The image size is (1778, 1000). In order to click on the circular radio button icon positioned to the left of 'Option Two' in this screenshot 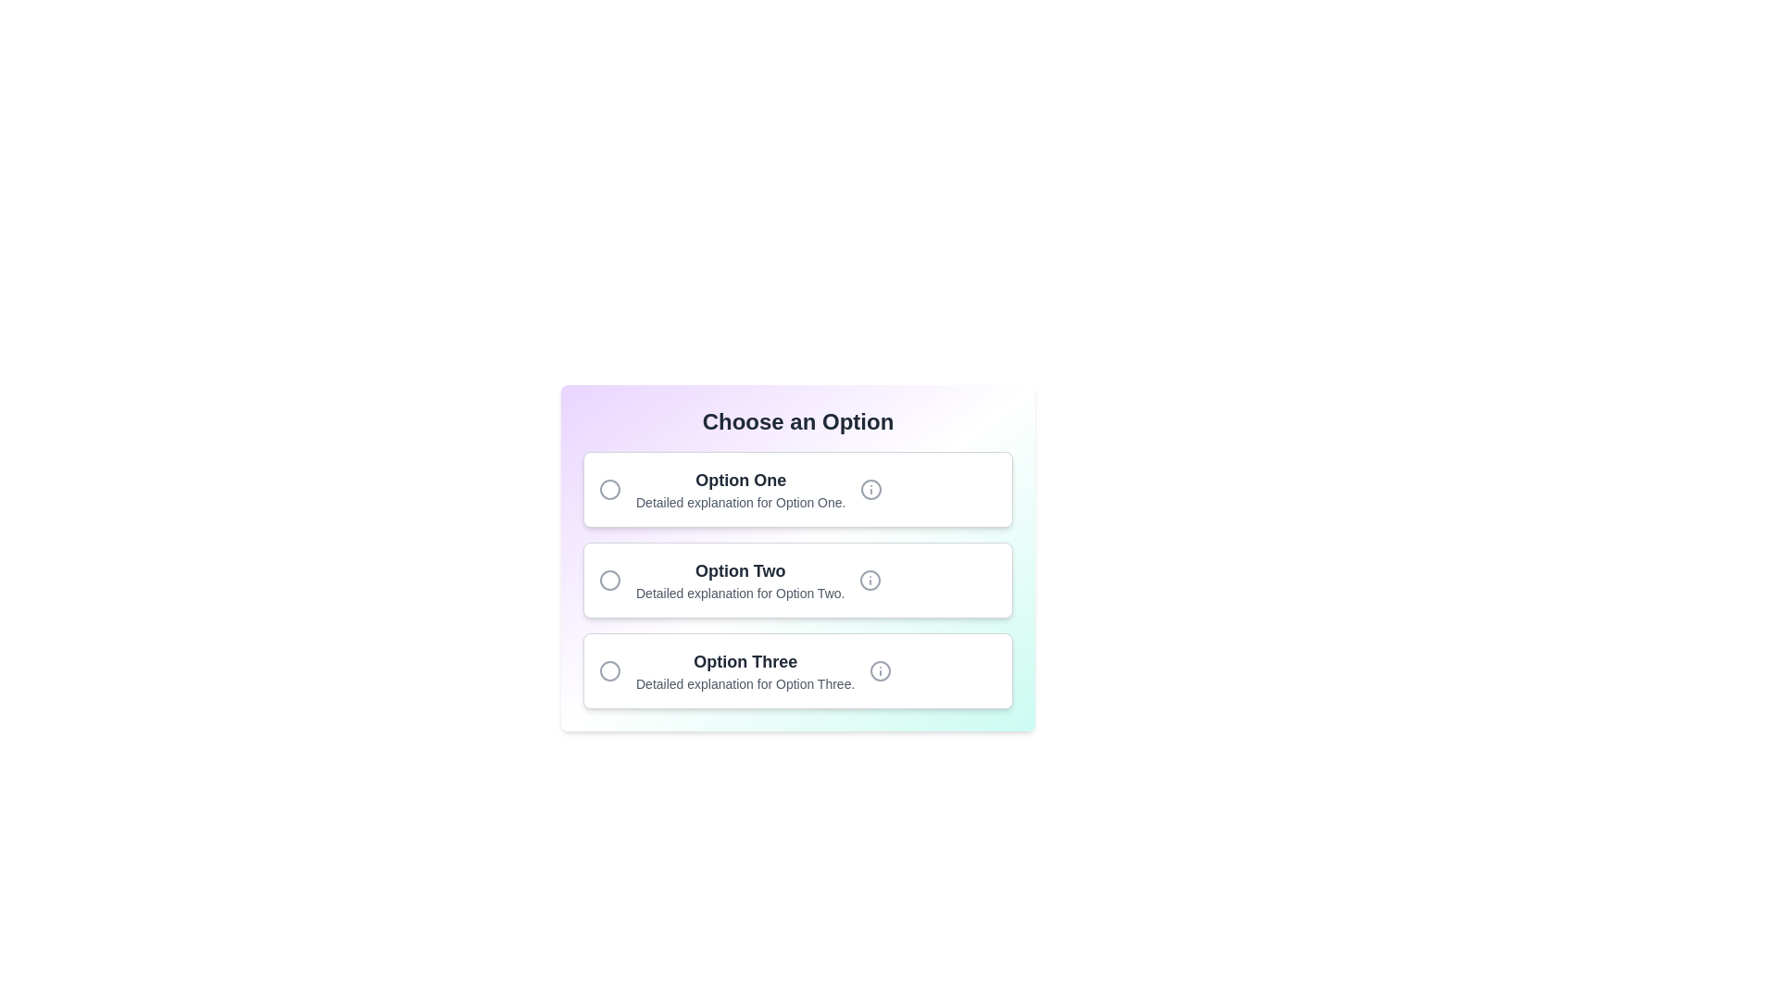, I will do `click(609, 580)`.